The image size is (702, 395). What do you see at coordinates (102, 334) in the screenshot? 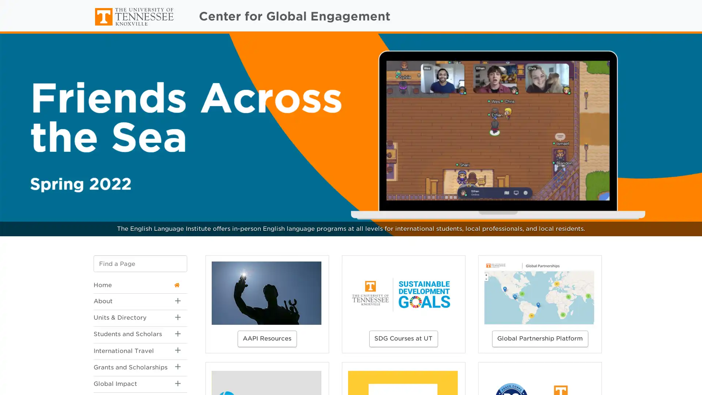
I see `Toggle Sub Menu` at bounding box center [102, 334].